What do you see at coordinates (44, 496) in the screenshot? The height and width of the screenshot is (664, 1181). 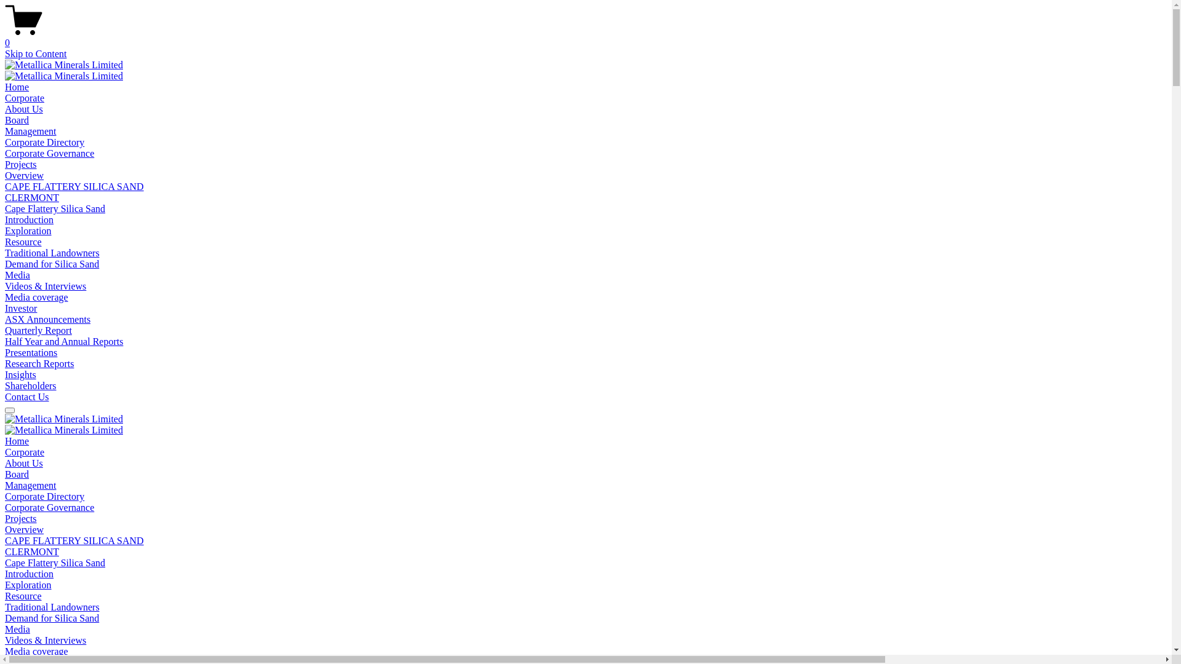 I see `'Corporate Directory'` at bounding box center [44, 496].